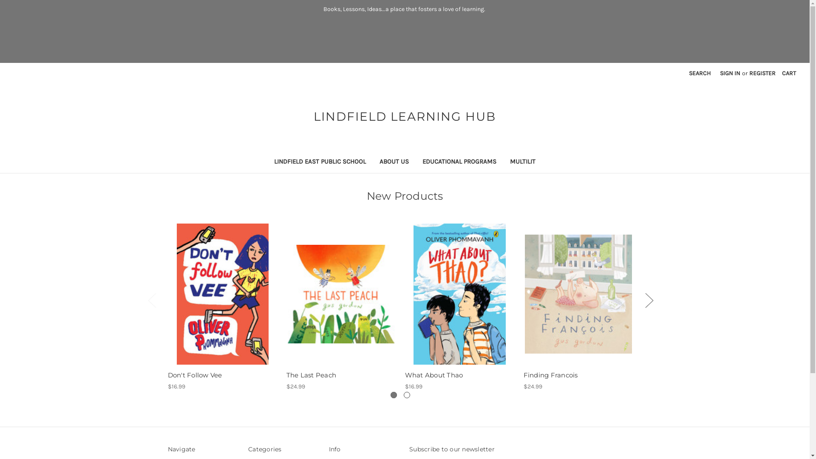  I want to click on 'What About Thao', so click(459, 293).